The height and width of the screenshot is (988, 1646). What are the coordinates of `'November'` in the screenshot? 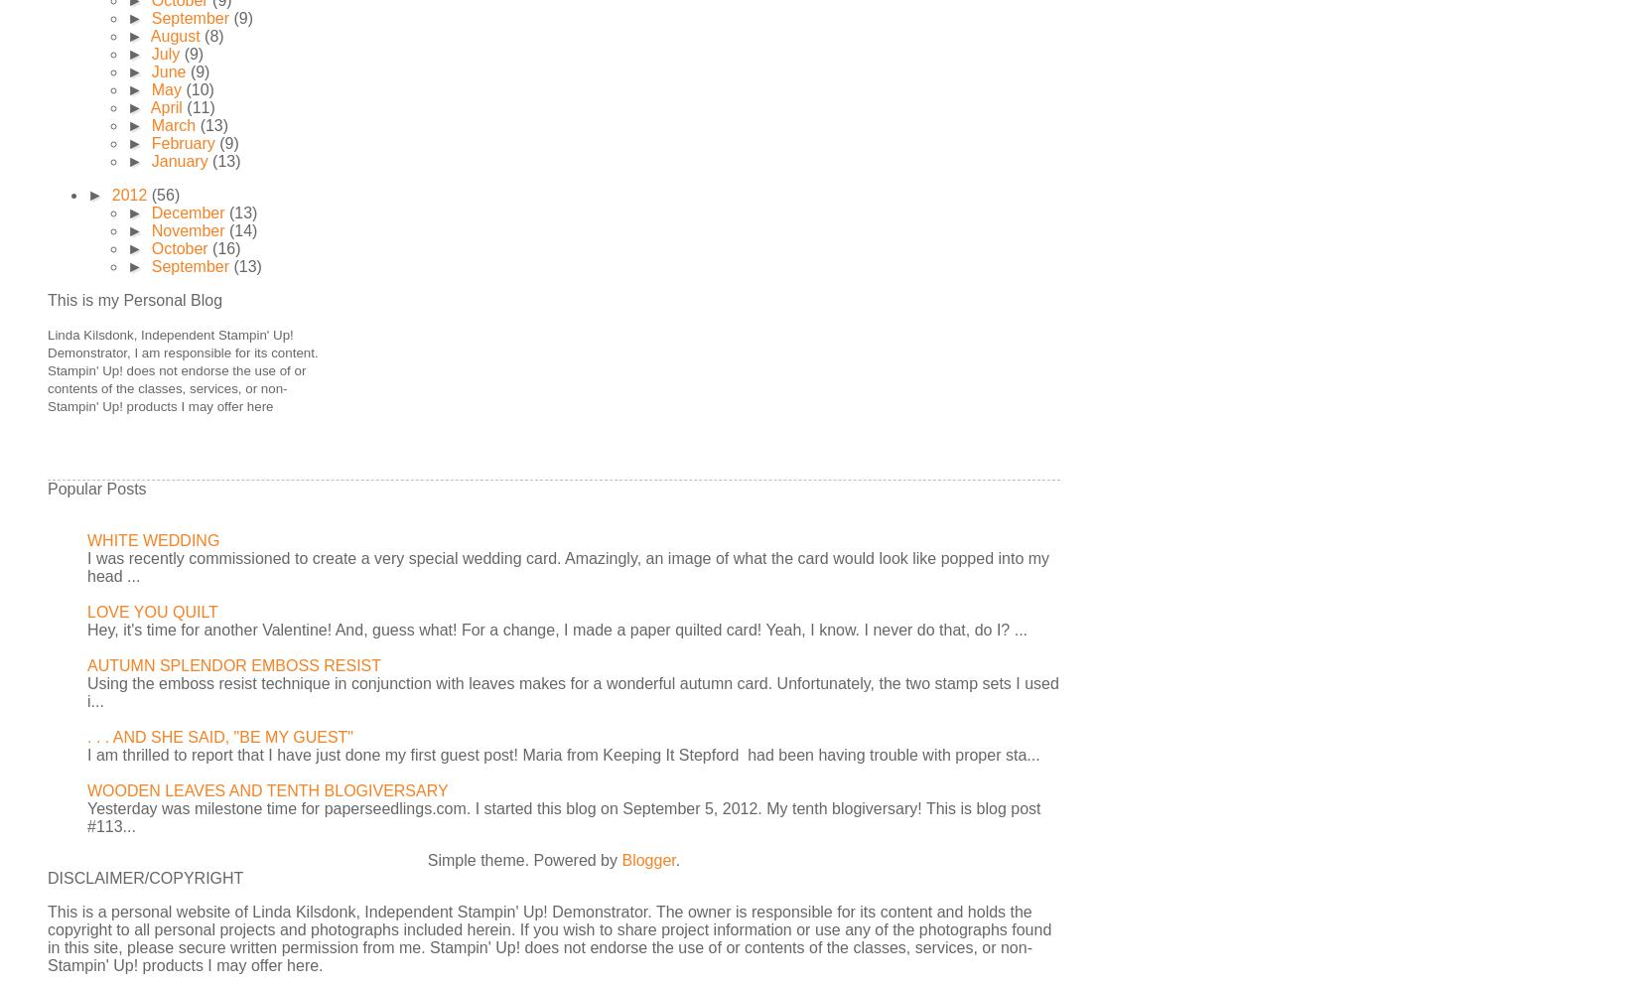 It's located at (190, 230).